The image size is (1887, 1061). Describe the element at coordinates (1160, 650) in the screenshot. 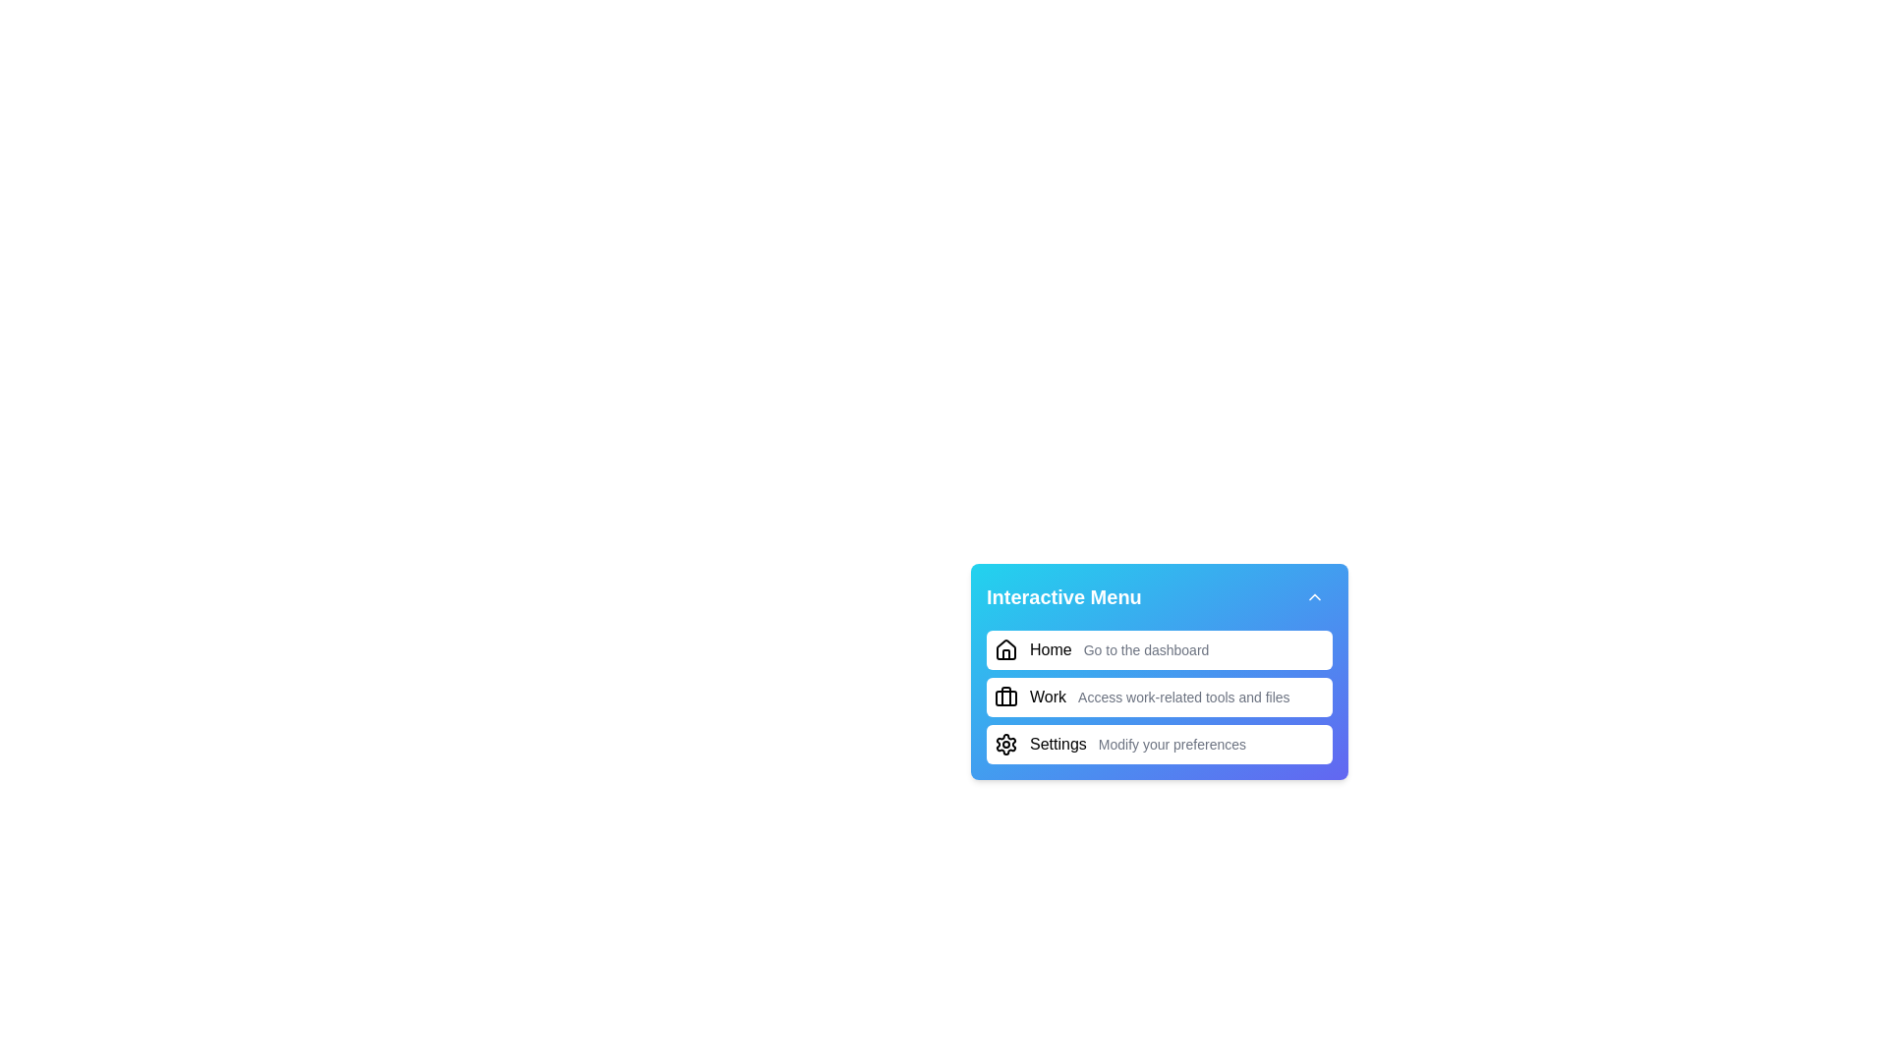

I see `the first menu item labeled 'Home' with a house icon` at that location.